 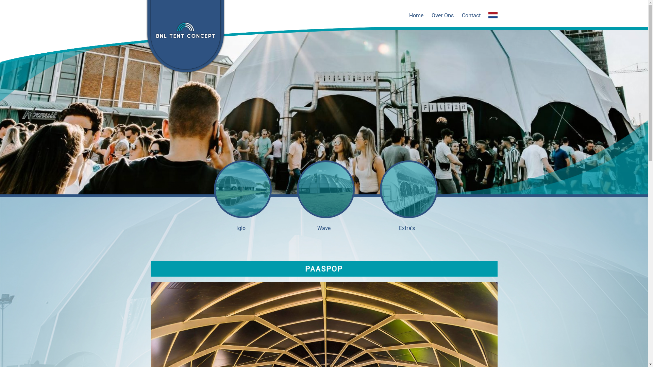 What do you see at coordinates (406, 196) in the screenshot?
I see `'Extra's'` at bounding box center [406, 196].